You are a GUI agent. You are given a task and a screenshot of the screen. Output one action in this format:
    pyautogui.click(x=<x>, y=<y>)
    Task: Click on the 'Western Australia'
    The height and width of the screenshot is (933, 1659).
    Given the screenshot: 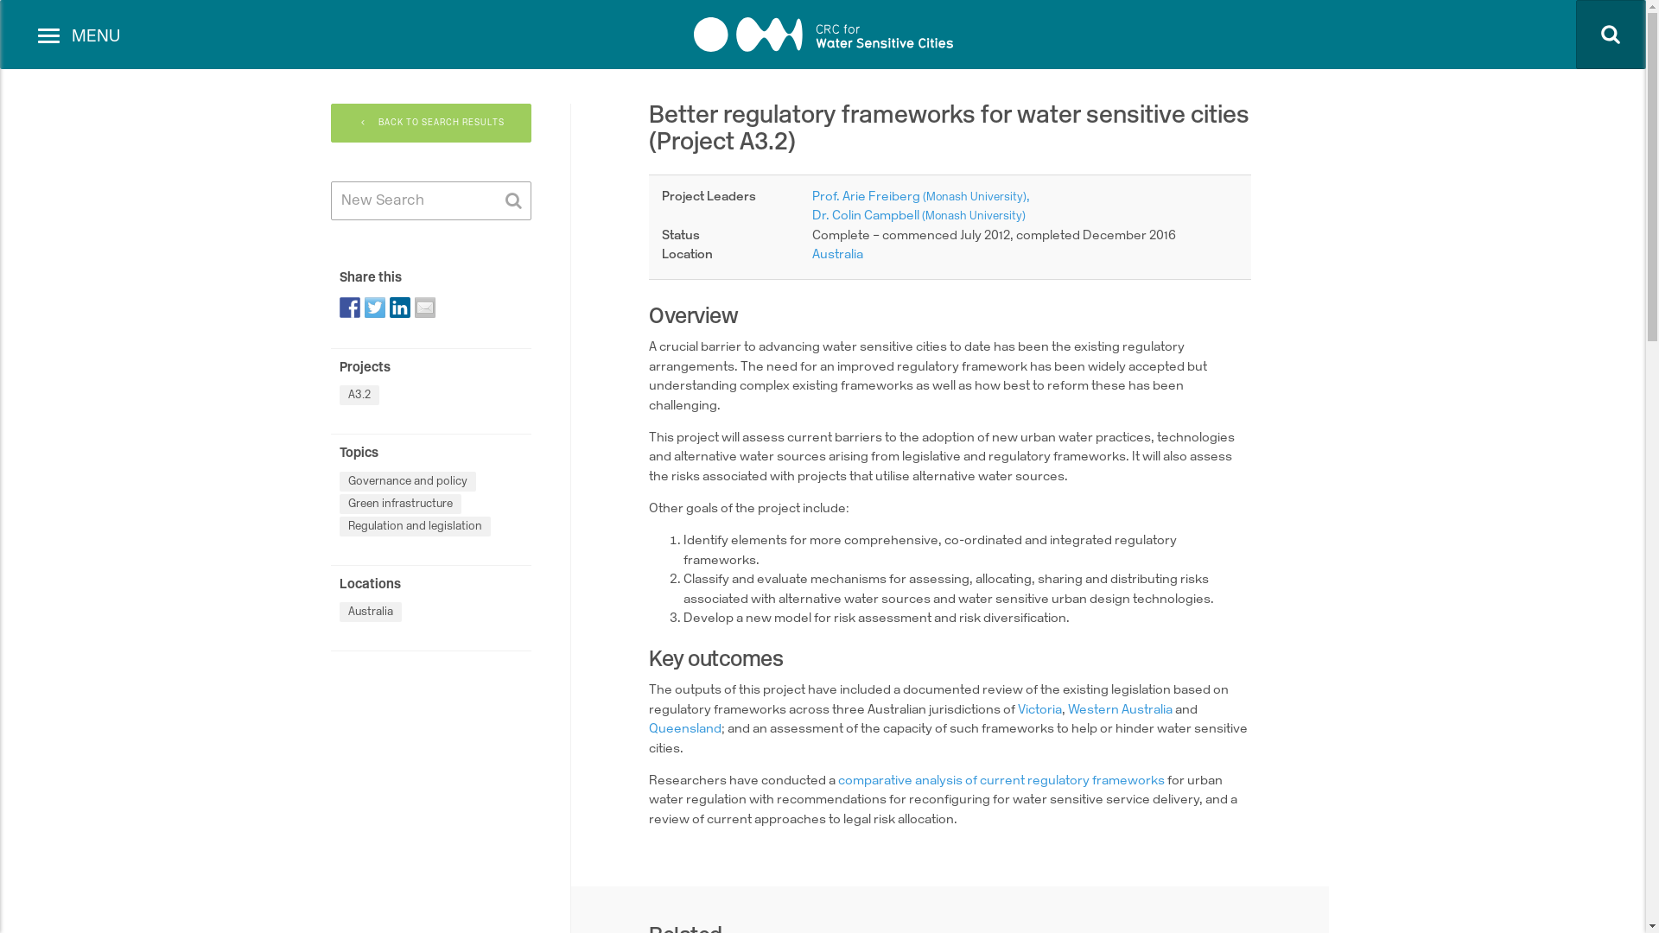 What is the action you would take?
    pyautogui.click(x=1120, y=710)
    